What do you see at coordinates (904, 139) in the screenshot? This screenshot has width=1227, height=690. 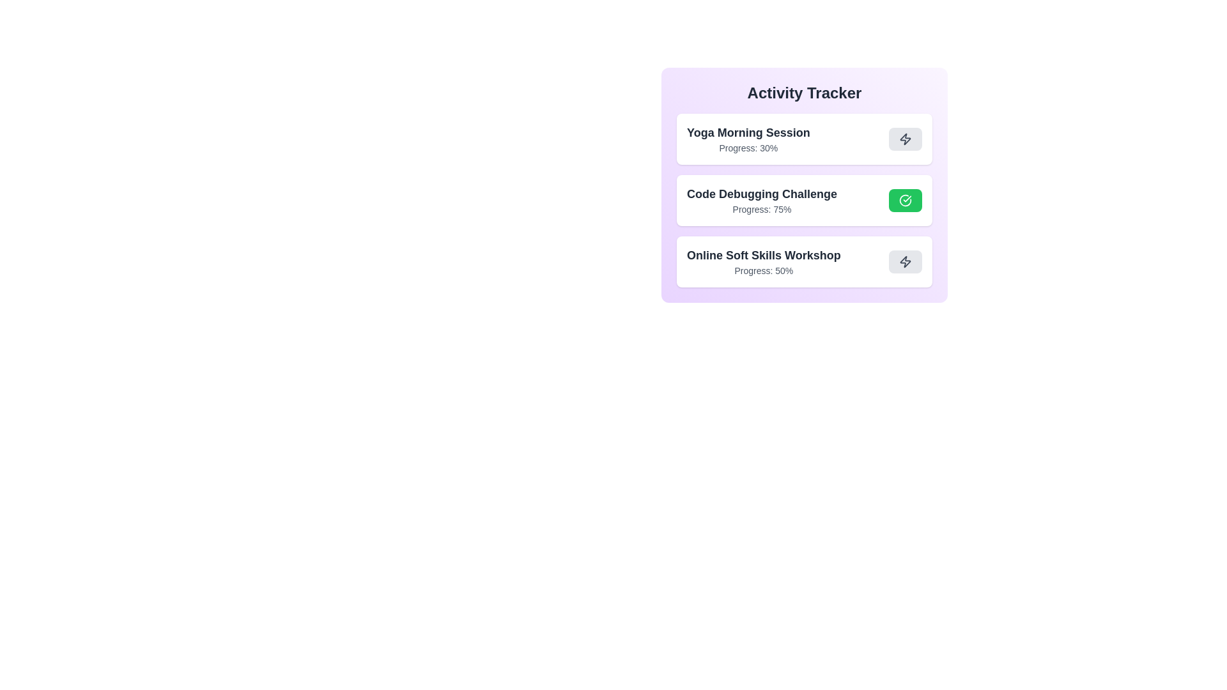 I see `the activity associated with the Yoga Morning Session button` at bounding box center [904, 139].